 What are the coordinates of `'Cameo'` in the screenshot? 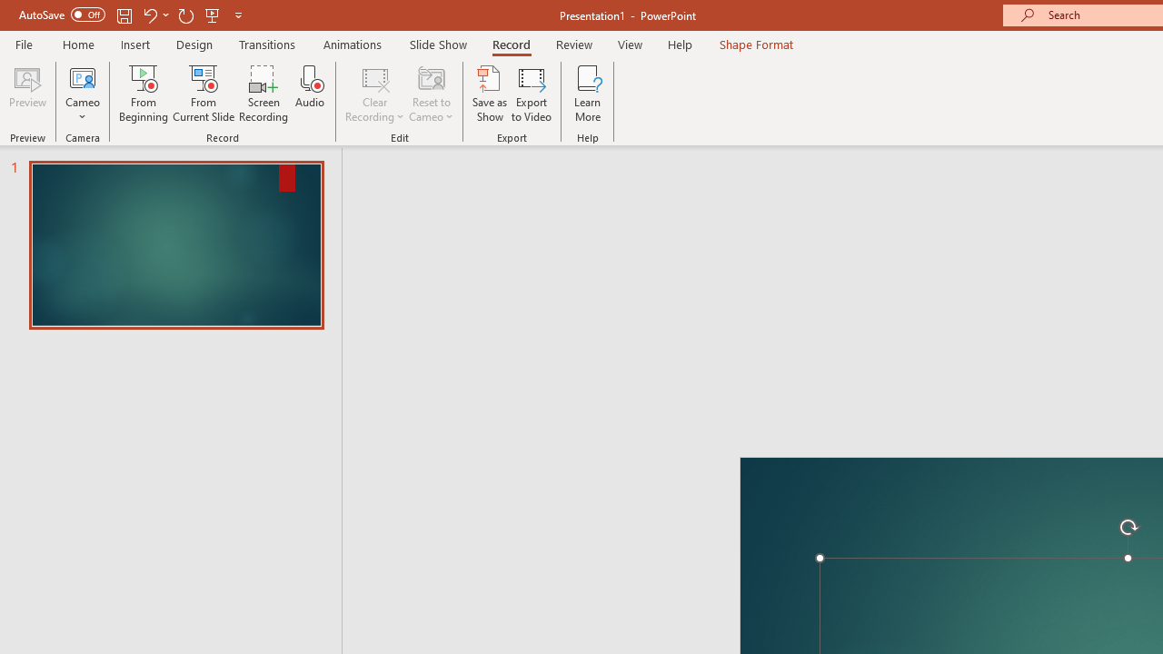 It's located at (82, 76).